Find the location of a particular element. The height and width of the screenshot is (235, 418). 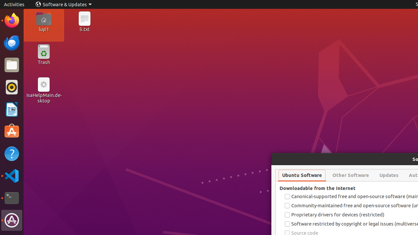

'Terminal' is located at coordinates (11, 198).